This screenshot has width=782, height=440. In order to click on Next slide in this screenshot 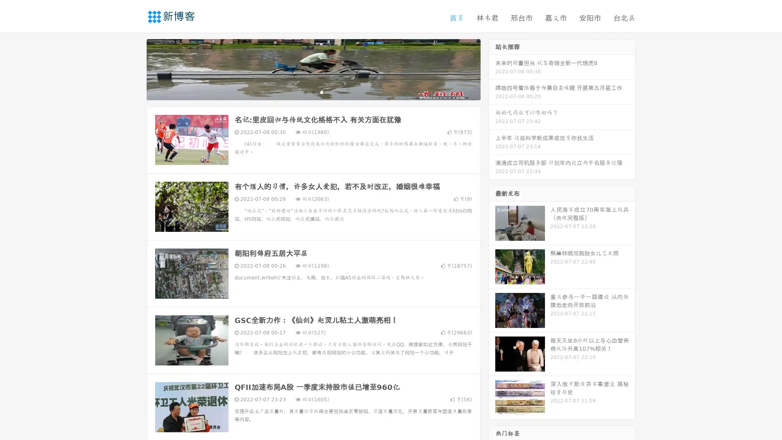, I will do `click(492, 68)`.